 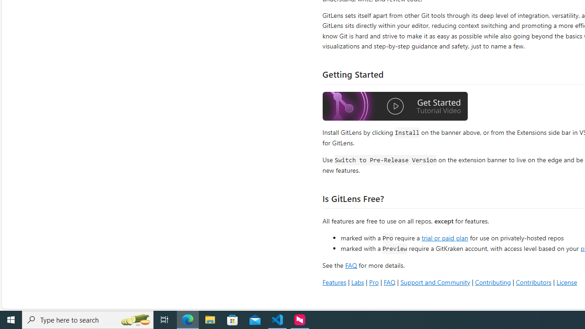 I want to click on 'Support and Community', so click(x=435, y=281).